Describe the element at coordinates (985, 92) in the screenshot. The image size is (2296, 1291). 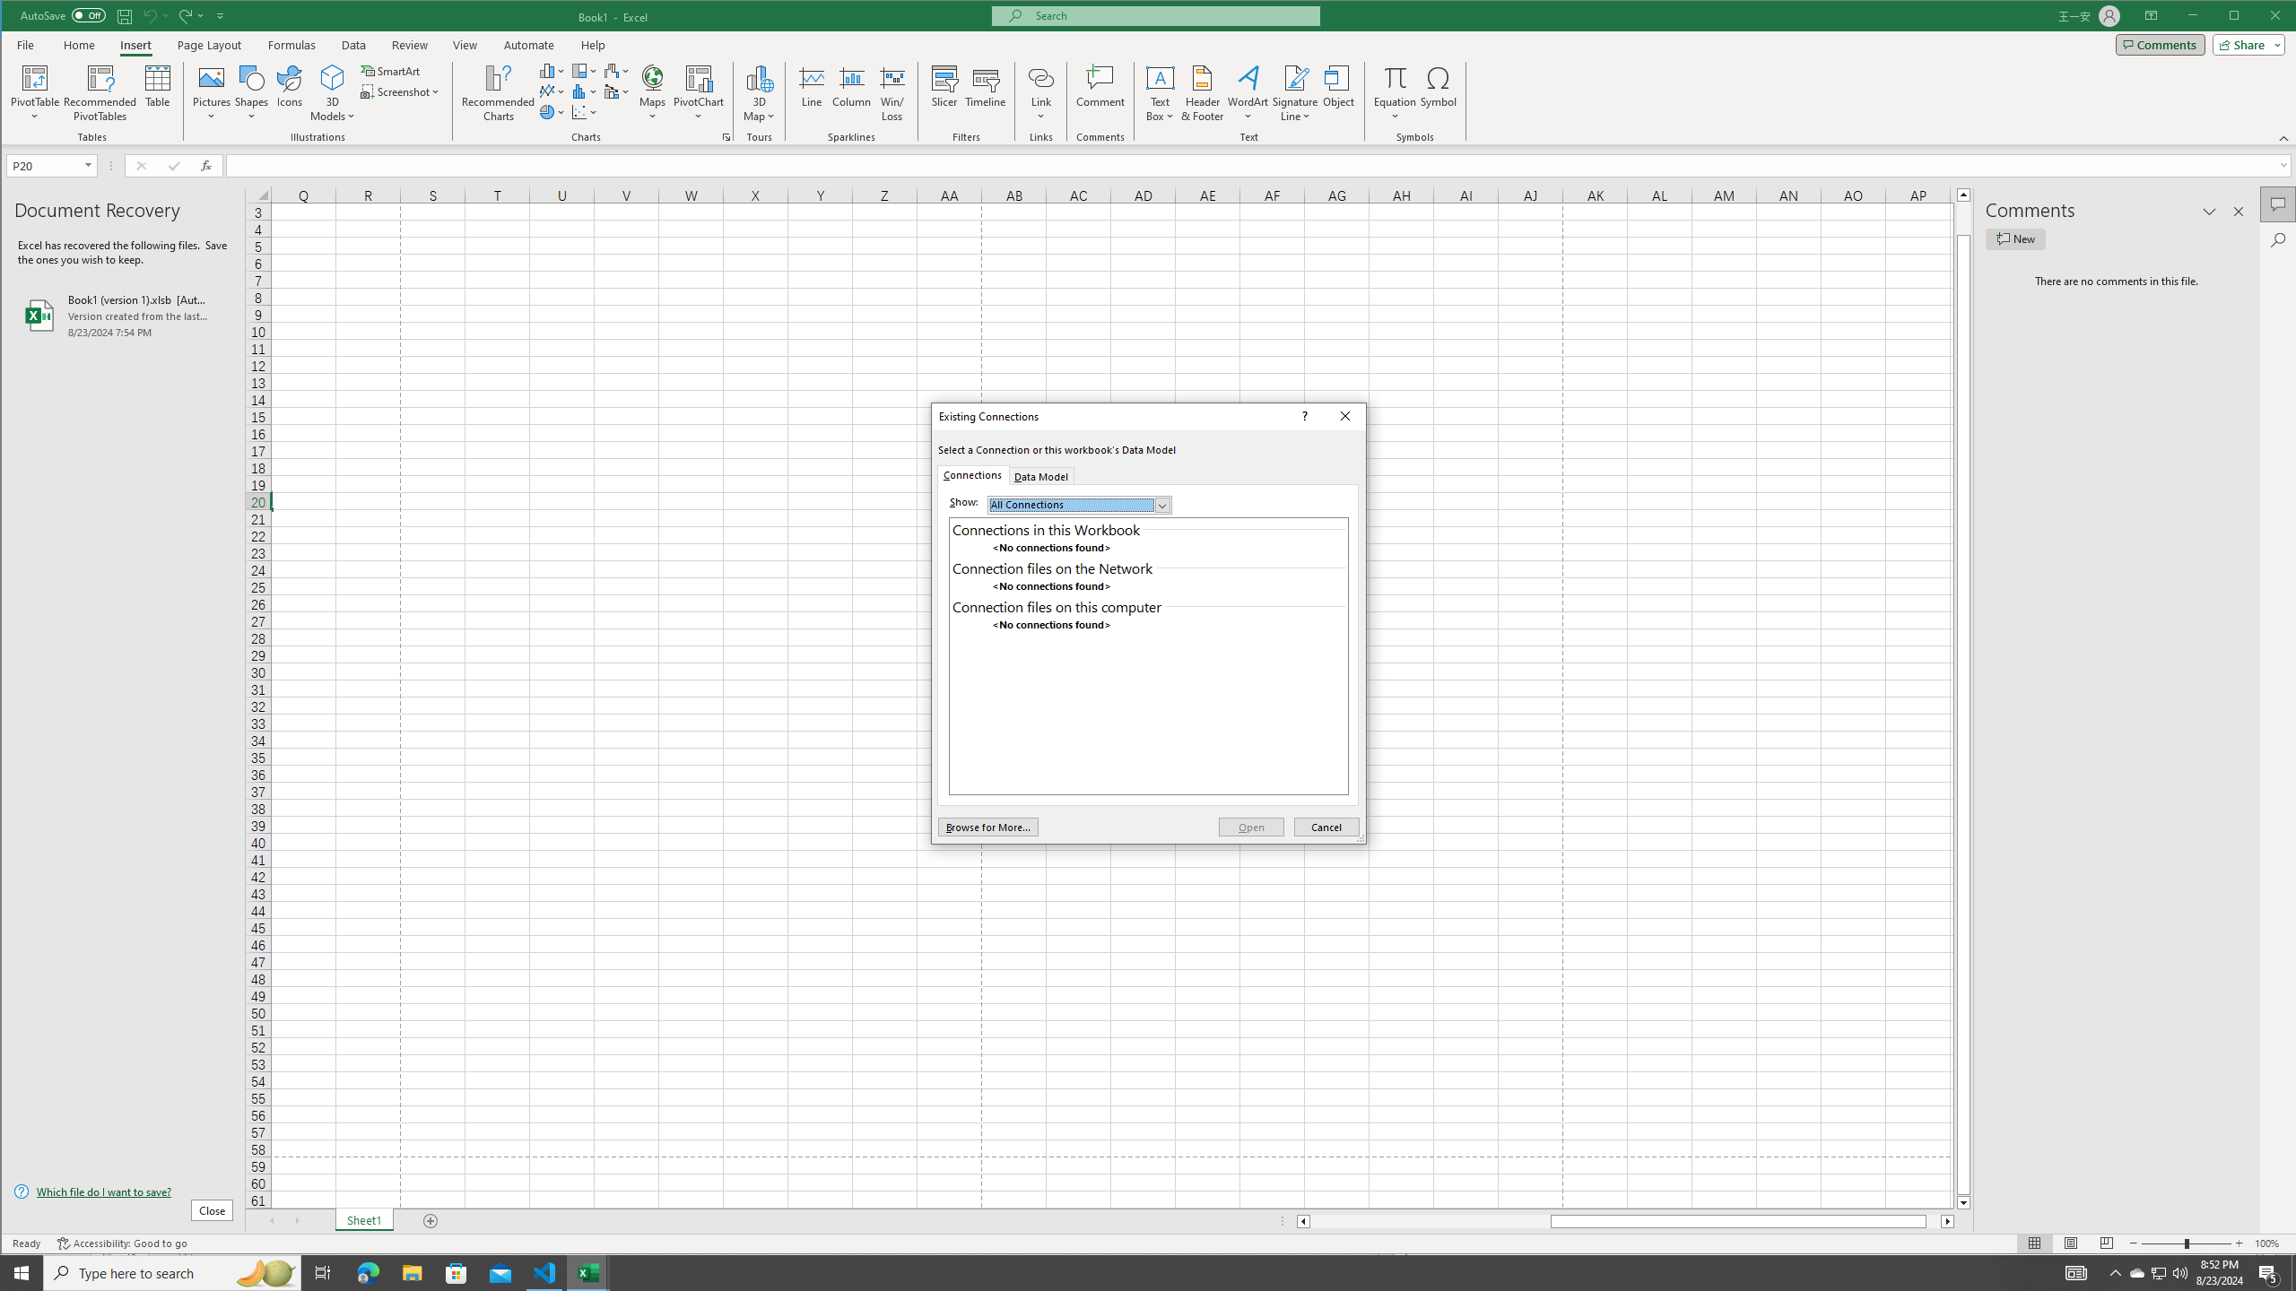
I see `'Timeline'` at that location.